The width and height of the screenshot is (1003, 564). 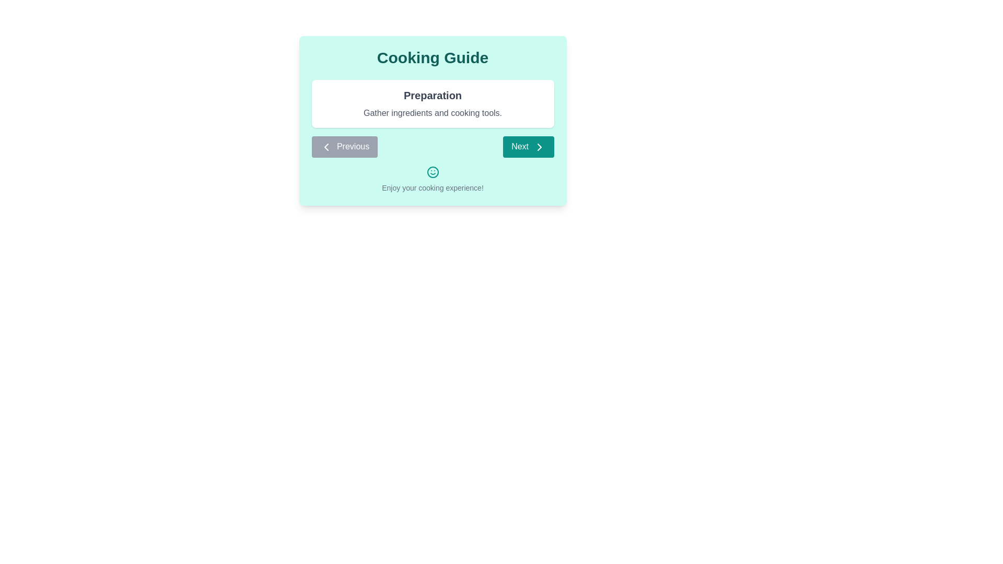 I want to click on the message display area that reads 'Enjoy your cooking experience!' with a teal smiley face icon, so click(x=433, y=179).